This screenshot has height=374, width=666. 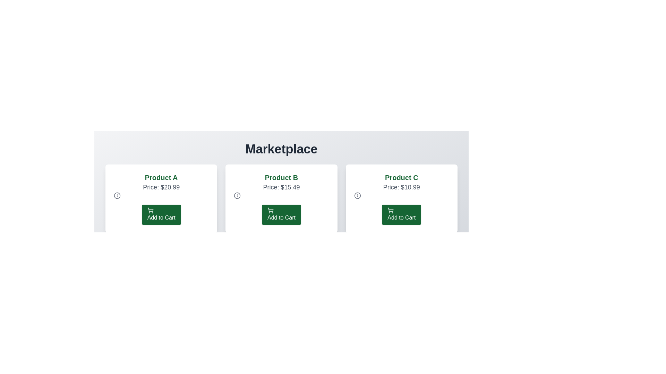 I want to click on the text label representing the product name 'Product C' located at the top of its card on the rightmost side of the marketplace display, so click(x=401, y=177).